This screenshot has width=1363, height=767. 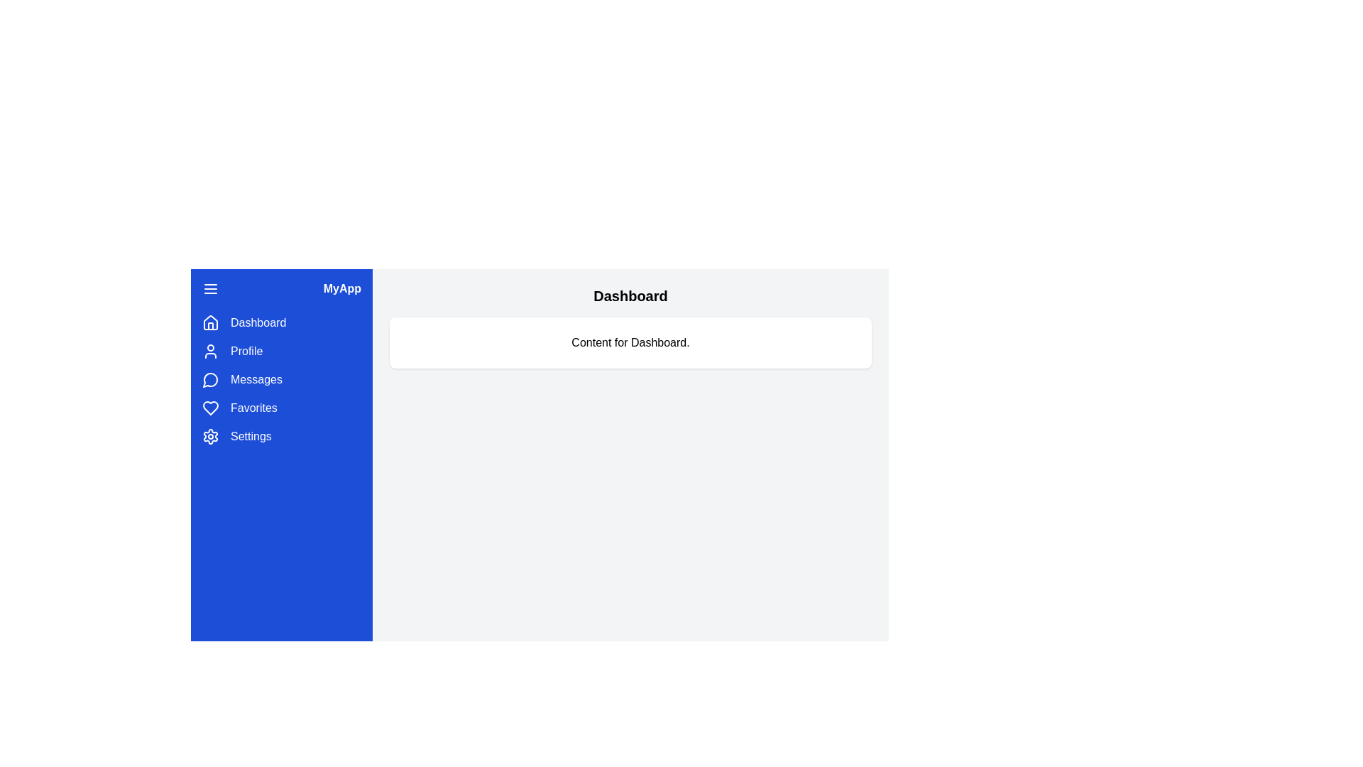 What do you see at coordinates (210, 435) in the screenshot?
I see `the settings icon located in the vertical menu bar on the left side of the interface, which is the fifth option and is associated with the 'Settings' label` at bounding box center [210, 435].